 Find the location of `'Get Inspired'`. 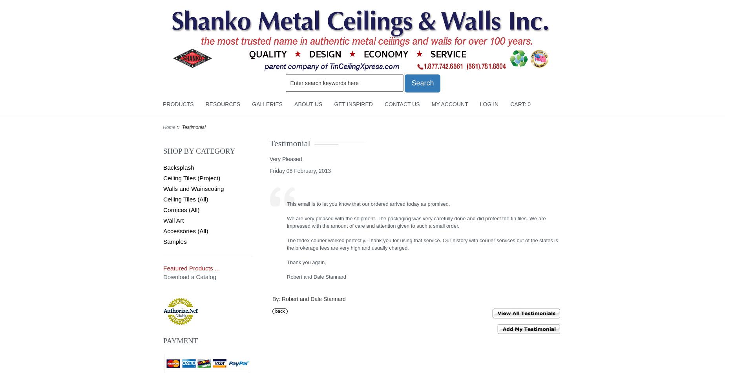

'Get Inspired' is located at coordinates (353, 104).